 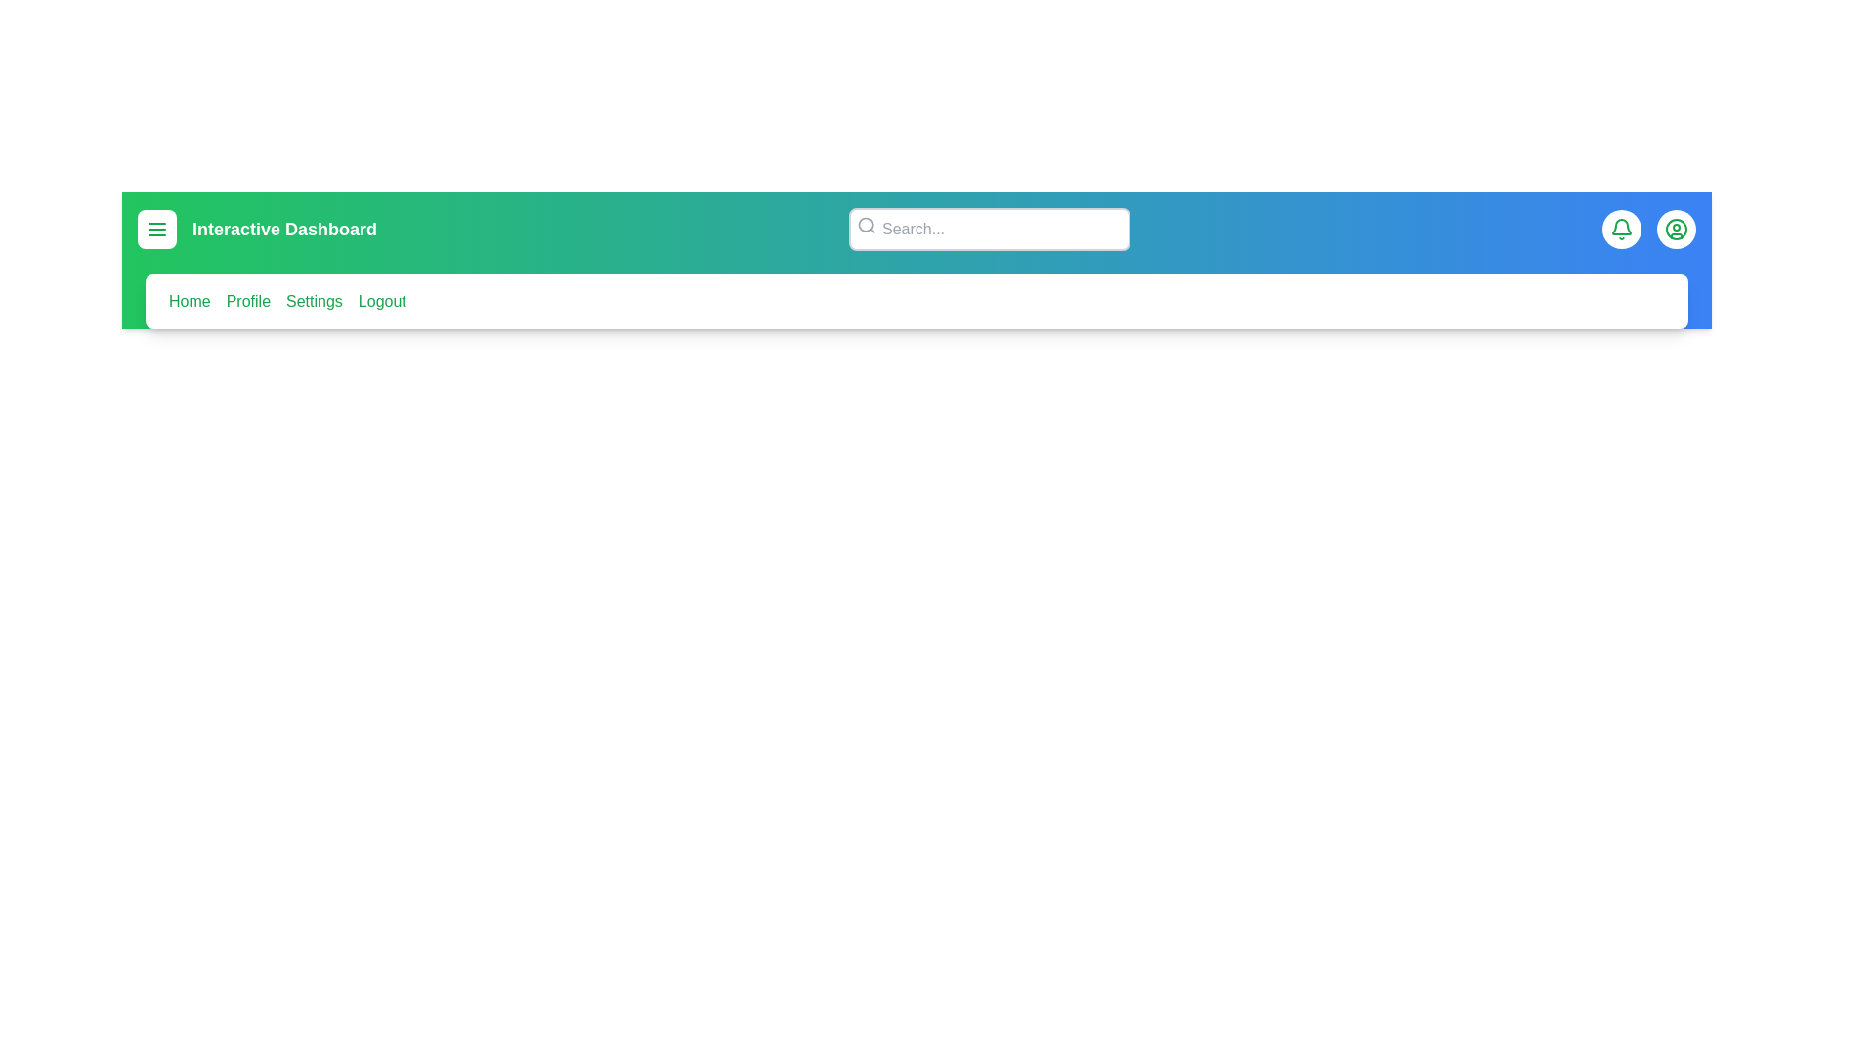 What do you see at coordinates (381, 301) in the screenshot?
I see `the menu item corresponding to Logout` at bounding box center [381, 301].